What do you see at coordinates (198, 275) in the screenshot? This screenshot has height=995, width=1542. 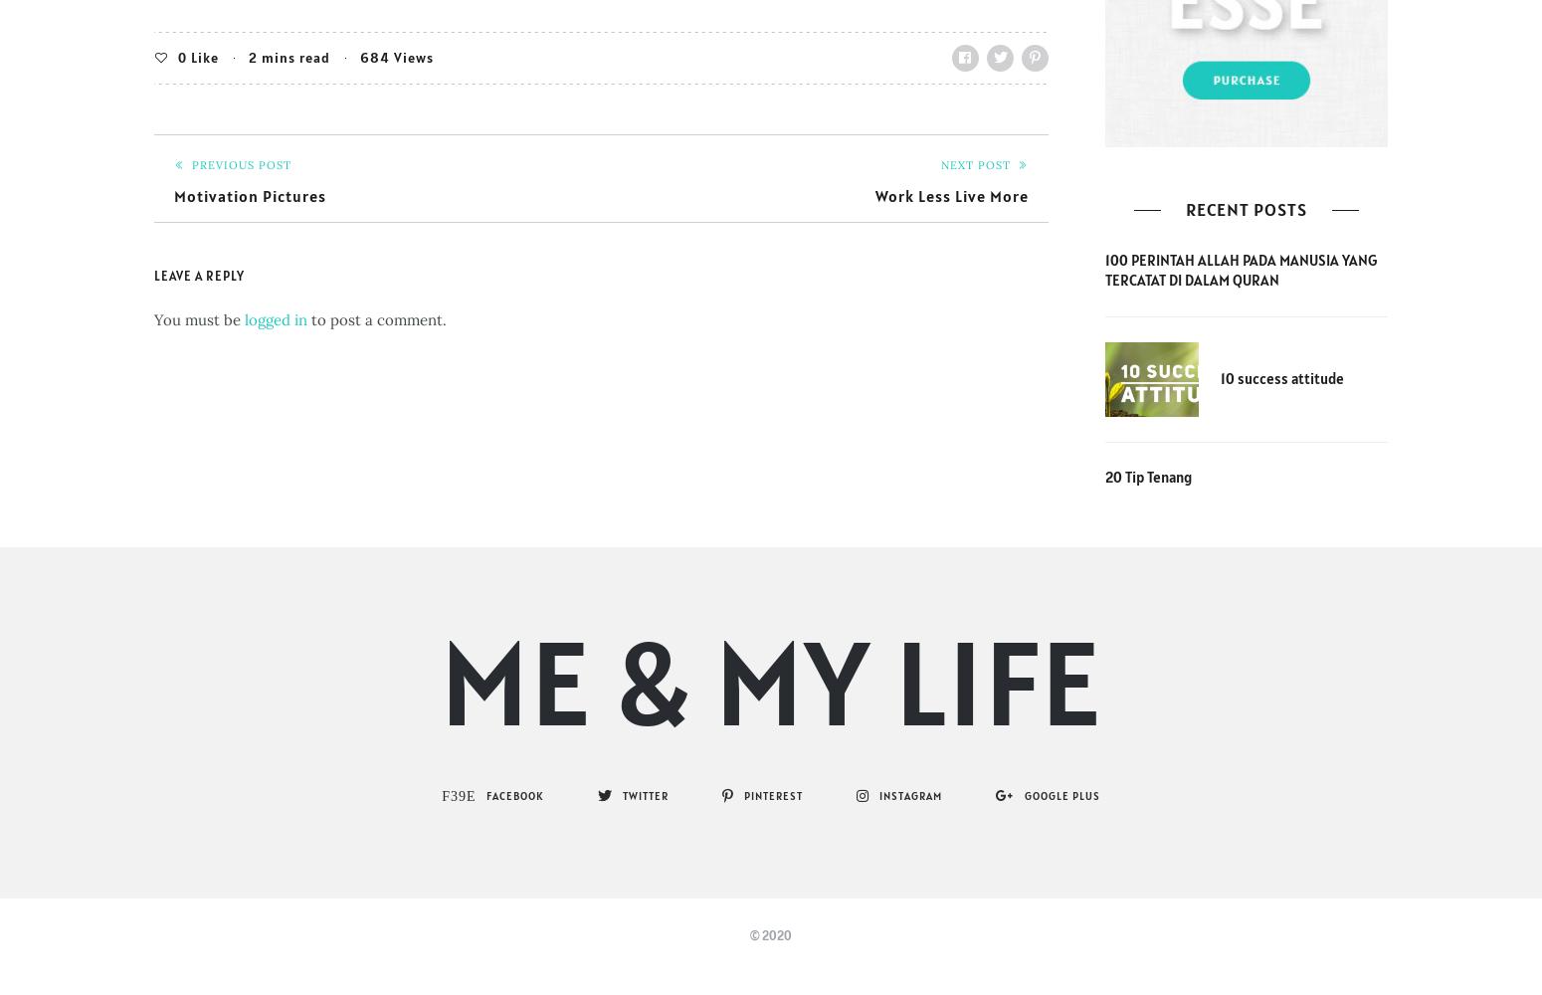 I see `'Leave a reply'` at bounding box center [198, 275].